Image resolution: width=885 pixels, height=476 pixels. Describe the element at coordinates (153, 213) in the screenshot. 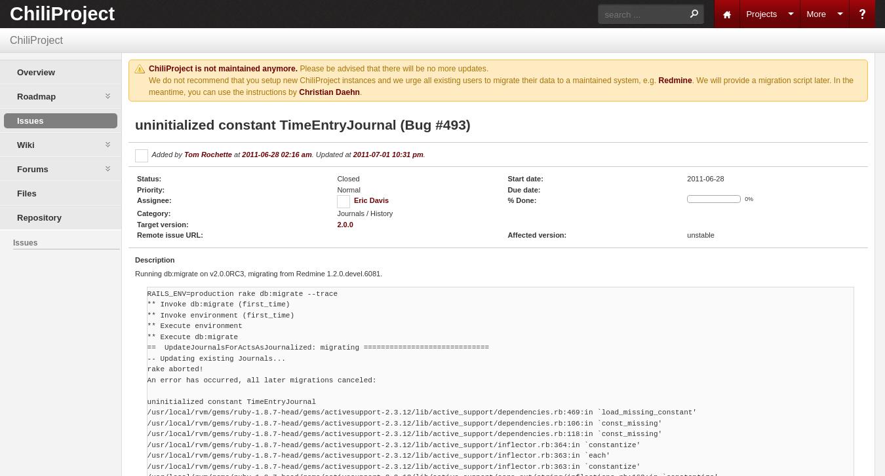

I see `'Category:'` at that location.